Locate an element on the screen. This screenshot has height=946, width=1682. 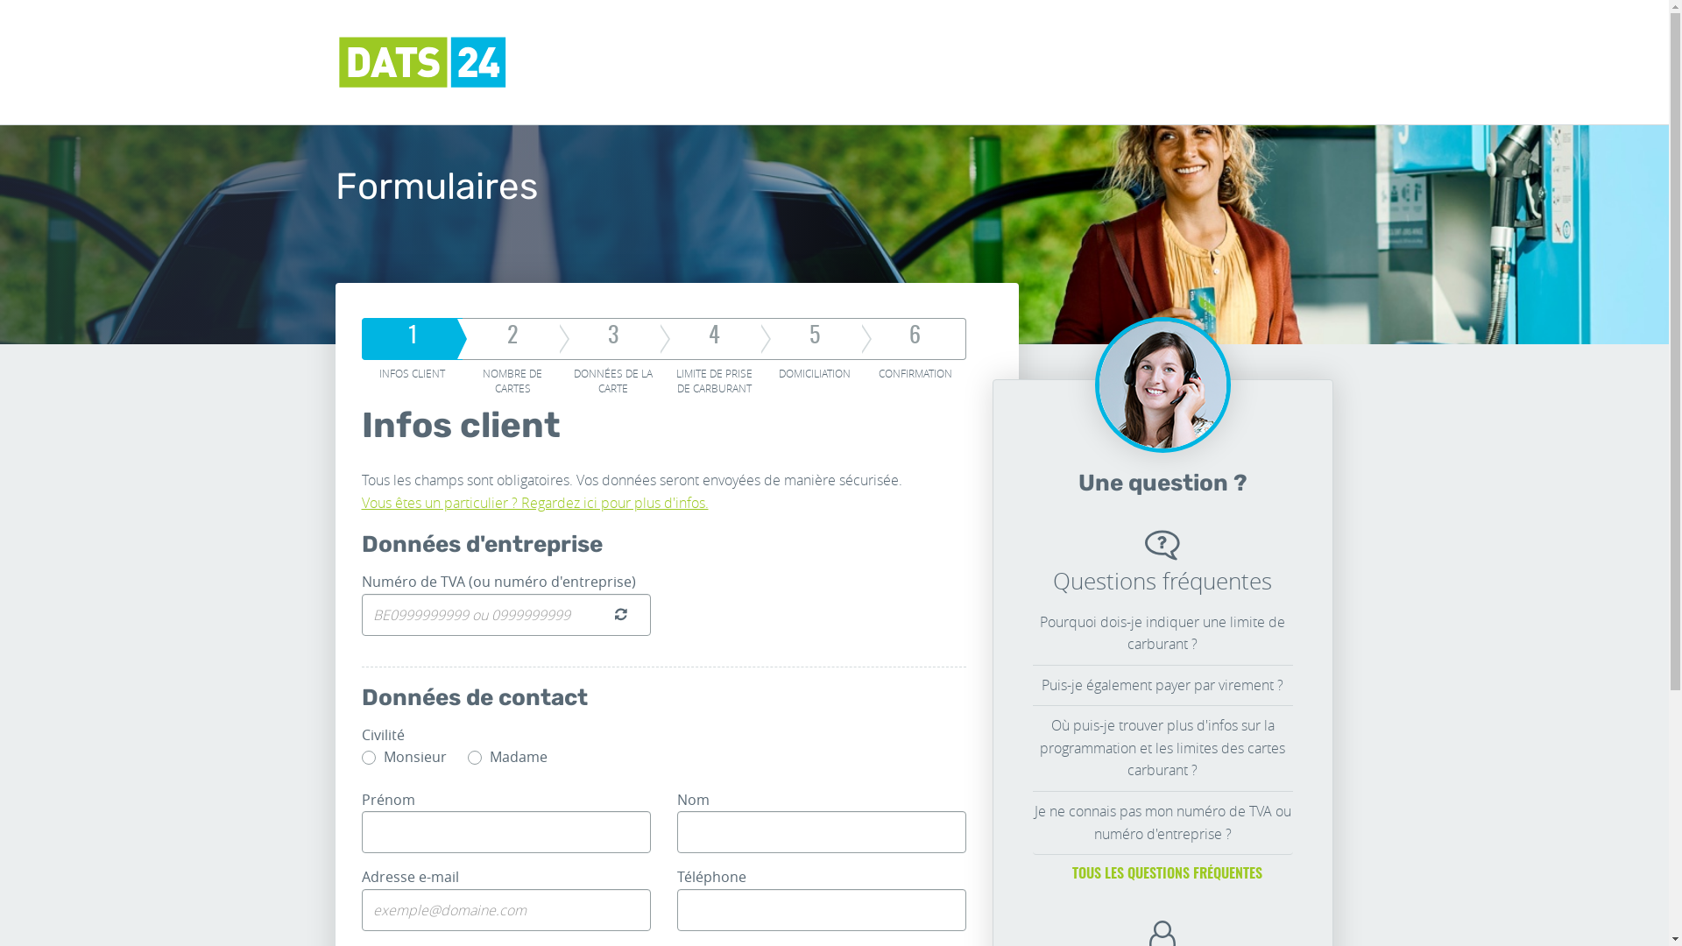
'DATS 24' is located at coordinates (421, 60).